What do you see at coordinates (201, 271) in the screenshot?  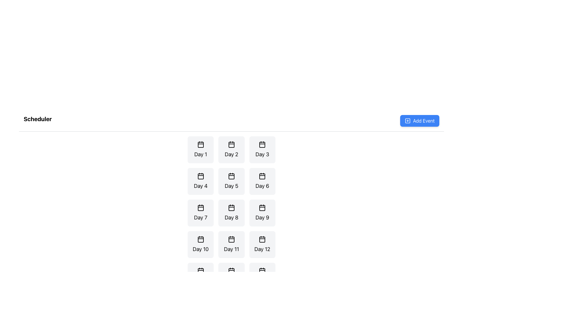 I see `the SVG calendar icon located at the top of the 'Day 13' card, which is the last card in the fifth row of the calendar grid layout` at bounding box center [201, 271].